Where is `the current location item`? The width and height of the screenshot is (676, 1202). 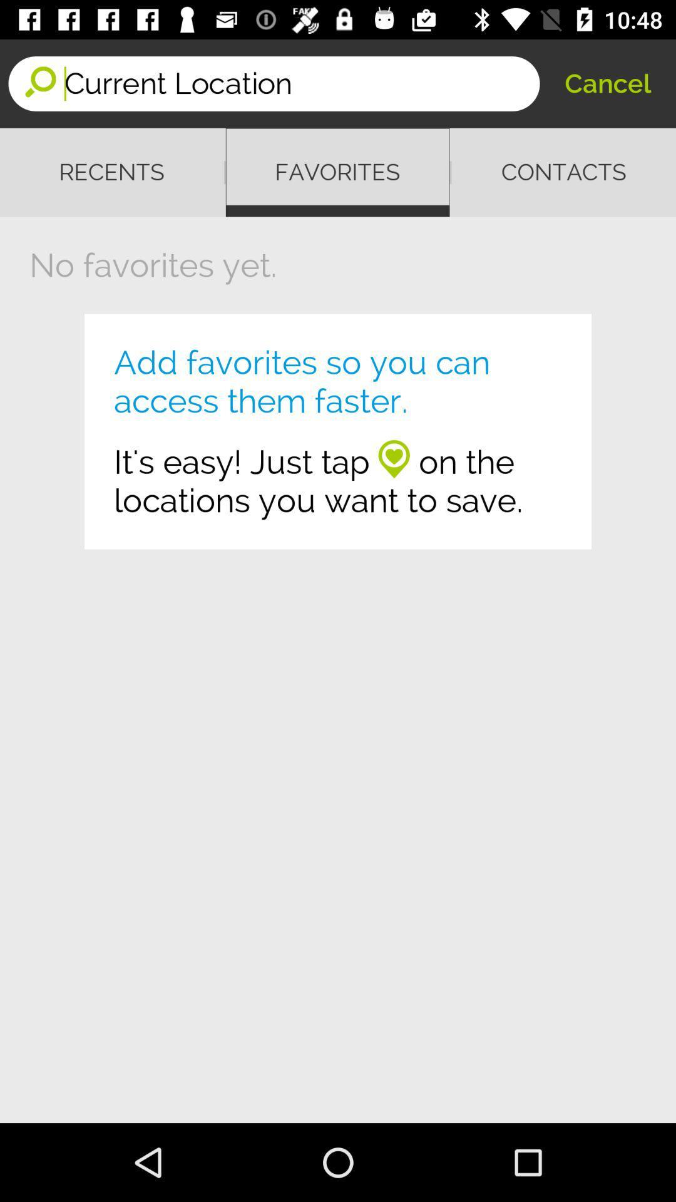 the current location item is located at coordinates (302, 83).